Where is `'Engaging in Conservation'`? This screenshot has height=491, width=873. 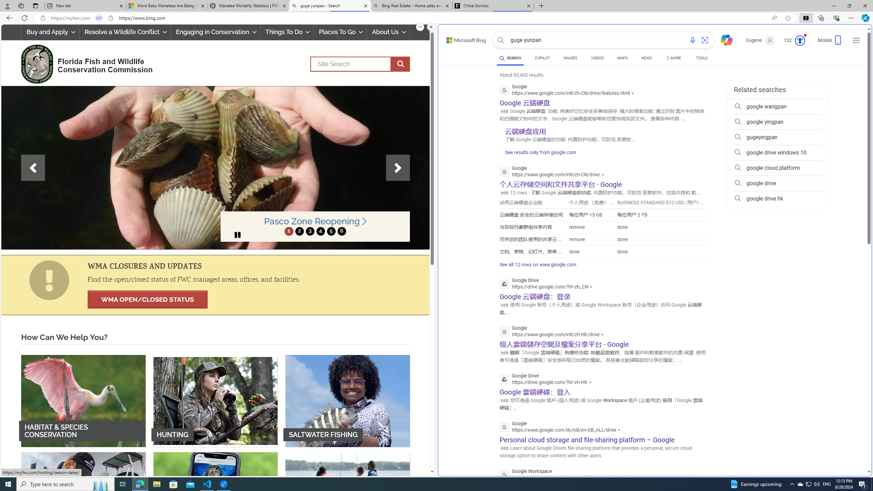 'Engaging in Conservation' is located at coordinates (215, 32).